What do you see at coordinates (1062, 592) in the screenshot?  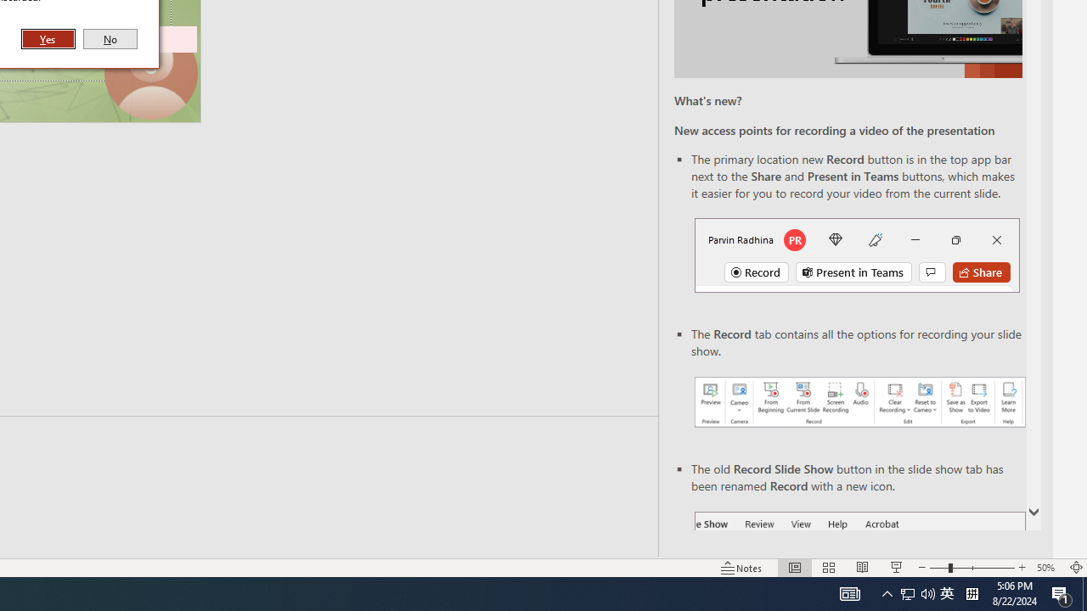 I see `'Action Center, 1 new notification'` at bounding box center [1062, 592].